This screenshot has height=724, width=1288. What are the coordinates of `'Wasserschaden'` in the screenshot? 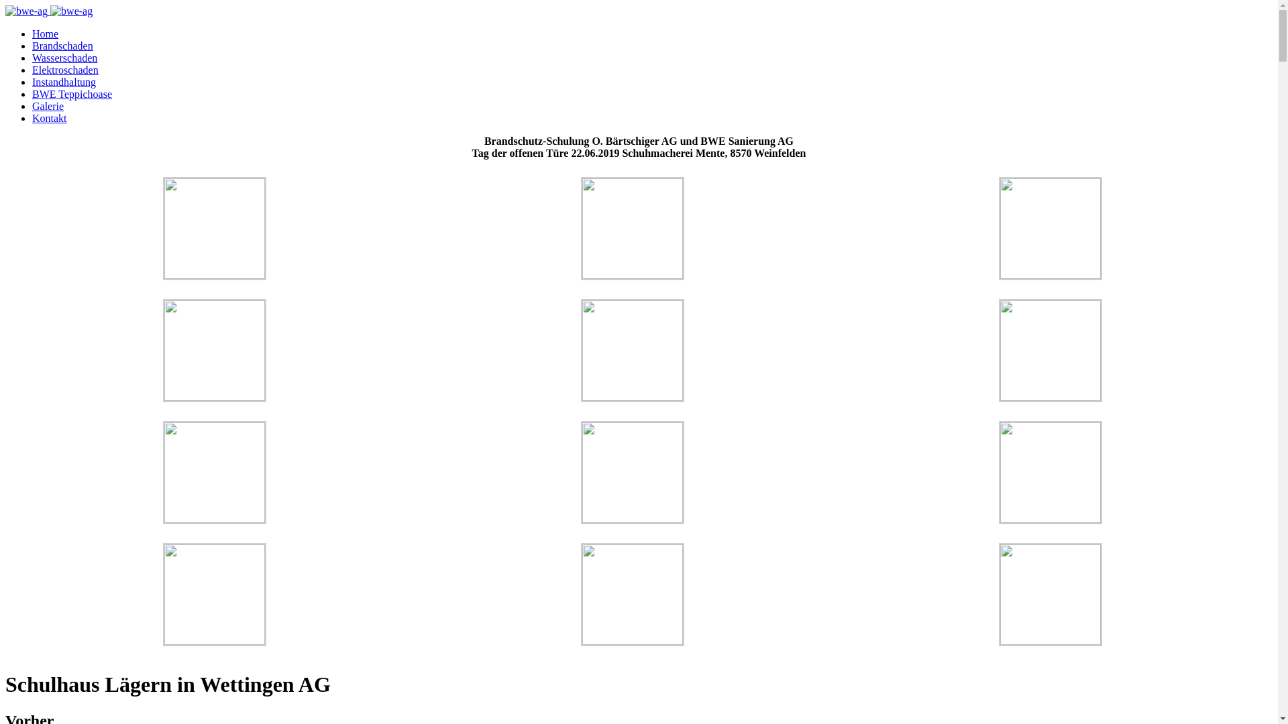 It's located at (64, 57).